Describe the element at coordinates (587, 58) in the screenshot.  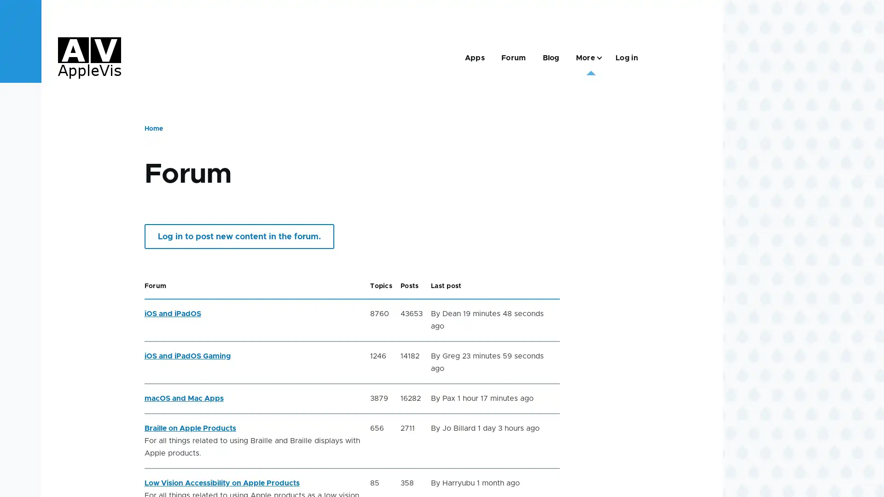
I see `More` at that location.